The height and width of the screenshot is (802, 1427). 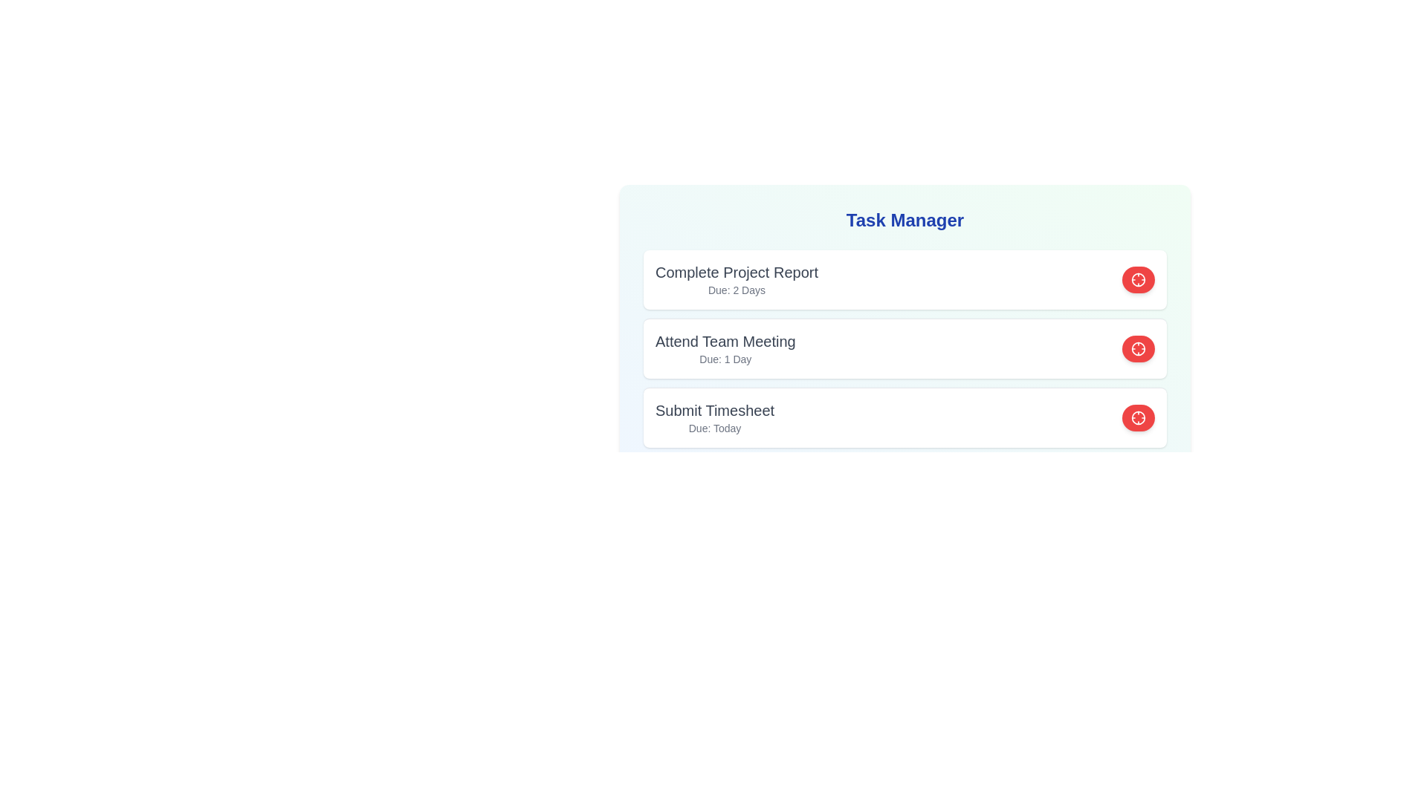 What do you see at coordinates (737, 290) in the screenshot?
I see `the text label displaying 'Due: 2 Days', which is styled in a smaller gray font and located below the heading 'Complete Project Report' within the task card` at bounding box center [737, 290].